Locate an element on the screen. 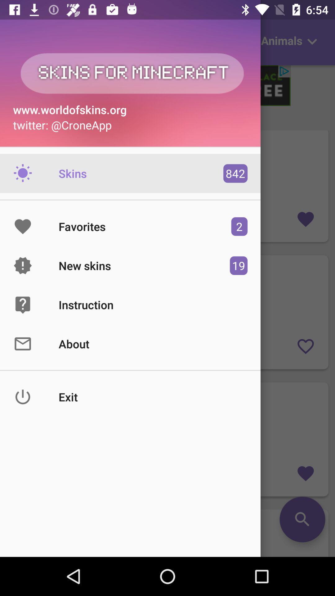 Image resolution: width=335 pixels, height=596 pixels. the search button which is on the right hand side is located at coordinates (167, 533).